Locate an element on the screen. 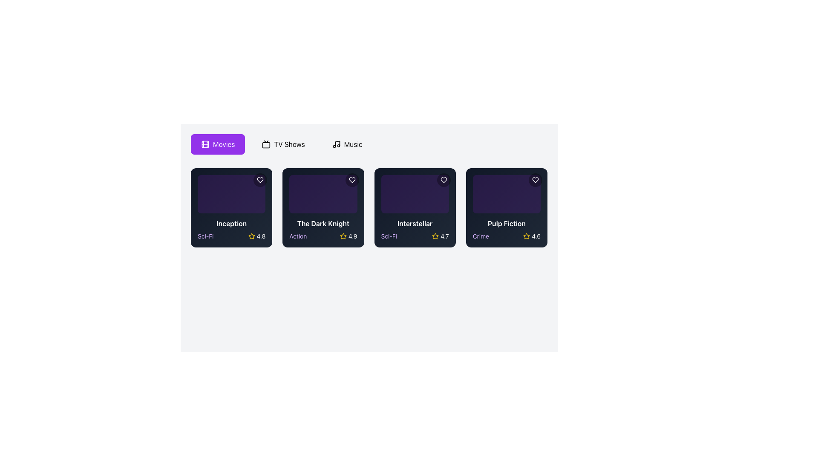 The width and height of the screenshot is (818, 460). the Card component displaying the movie 'The Dark Knight', which is located in the second column of a four-column grid is located at coordinates (323, 207).